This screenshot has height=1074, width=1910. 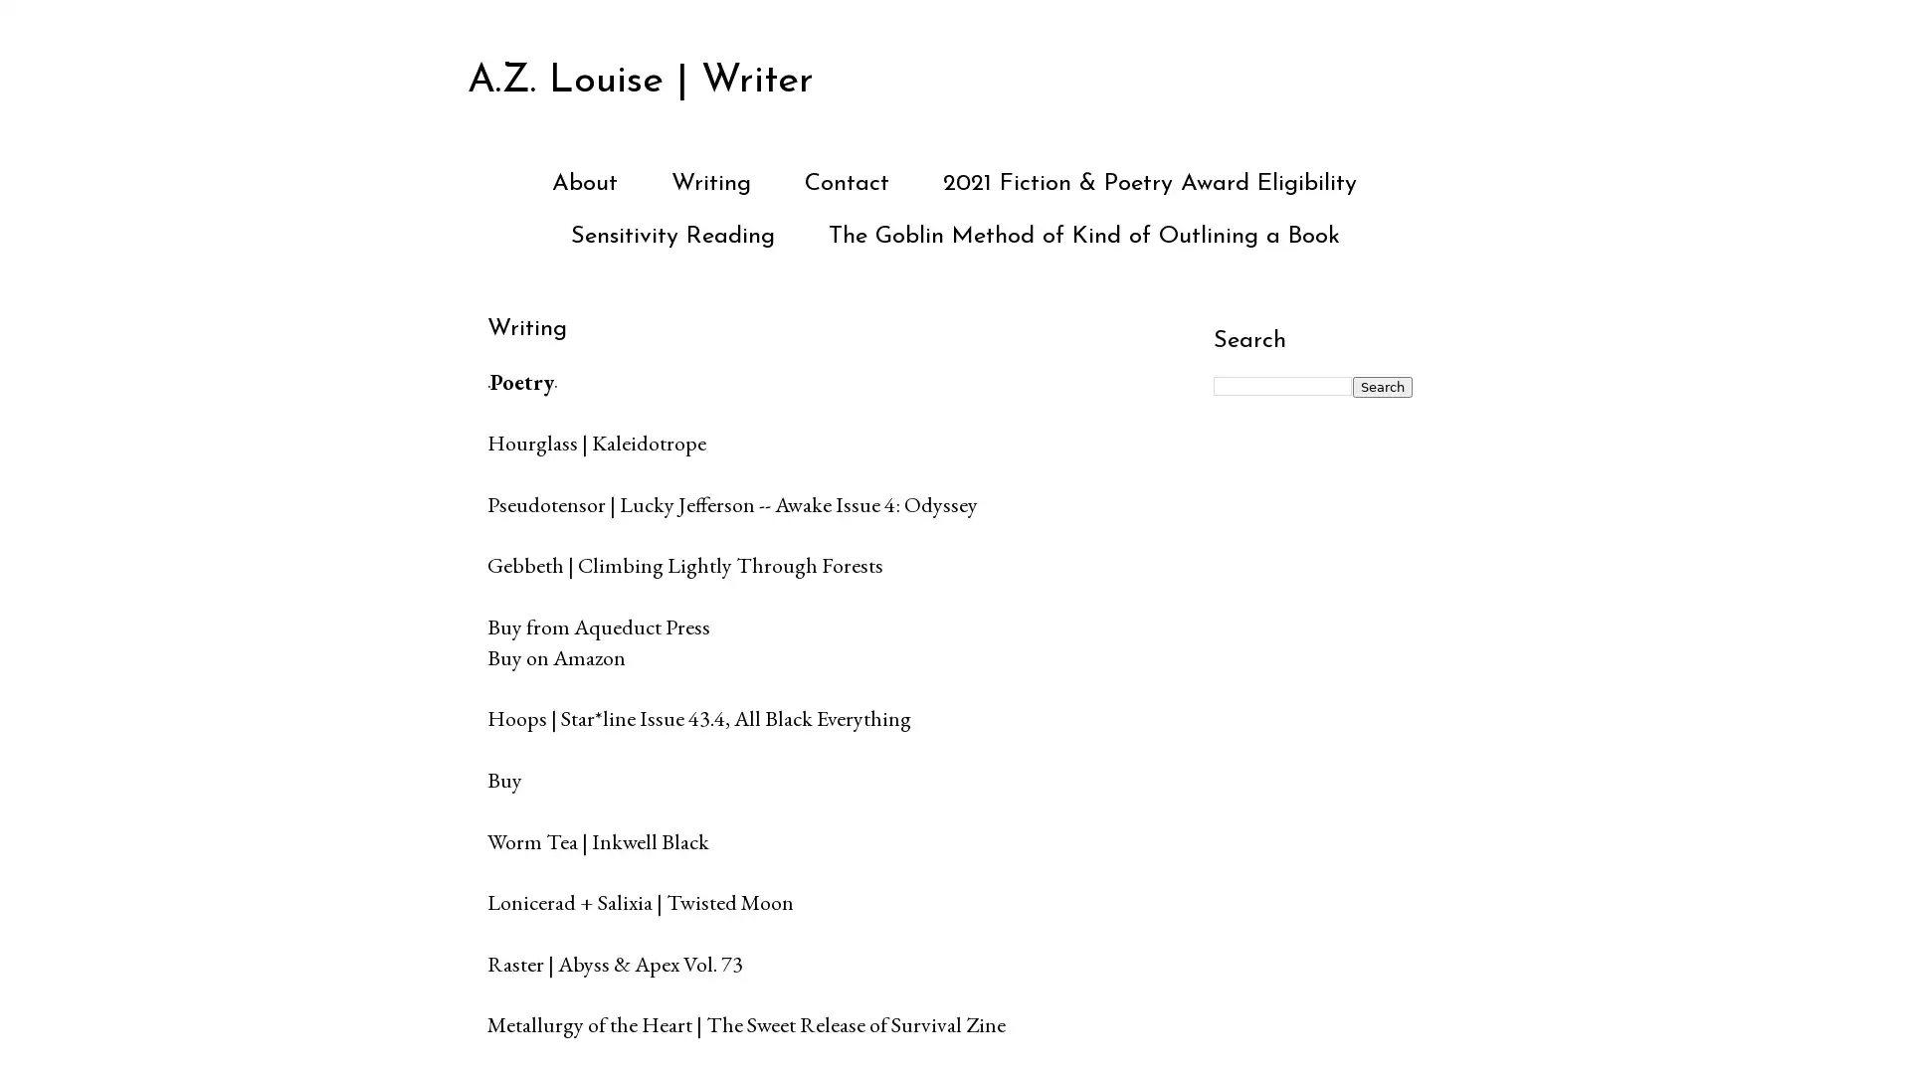 What do you see at coordinates (1382, 386) in the screenshot?
I see `Search` at bounding box center [1382, 386].